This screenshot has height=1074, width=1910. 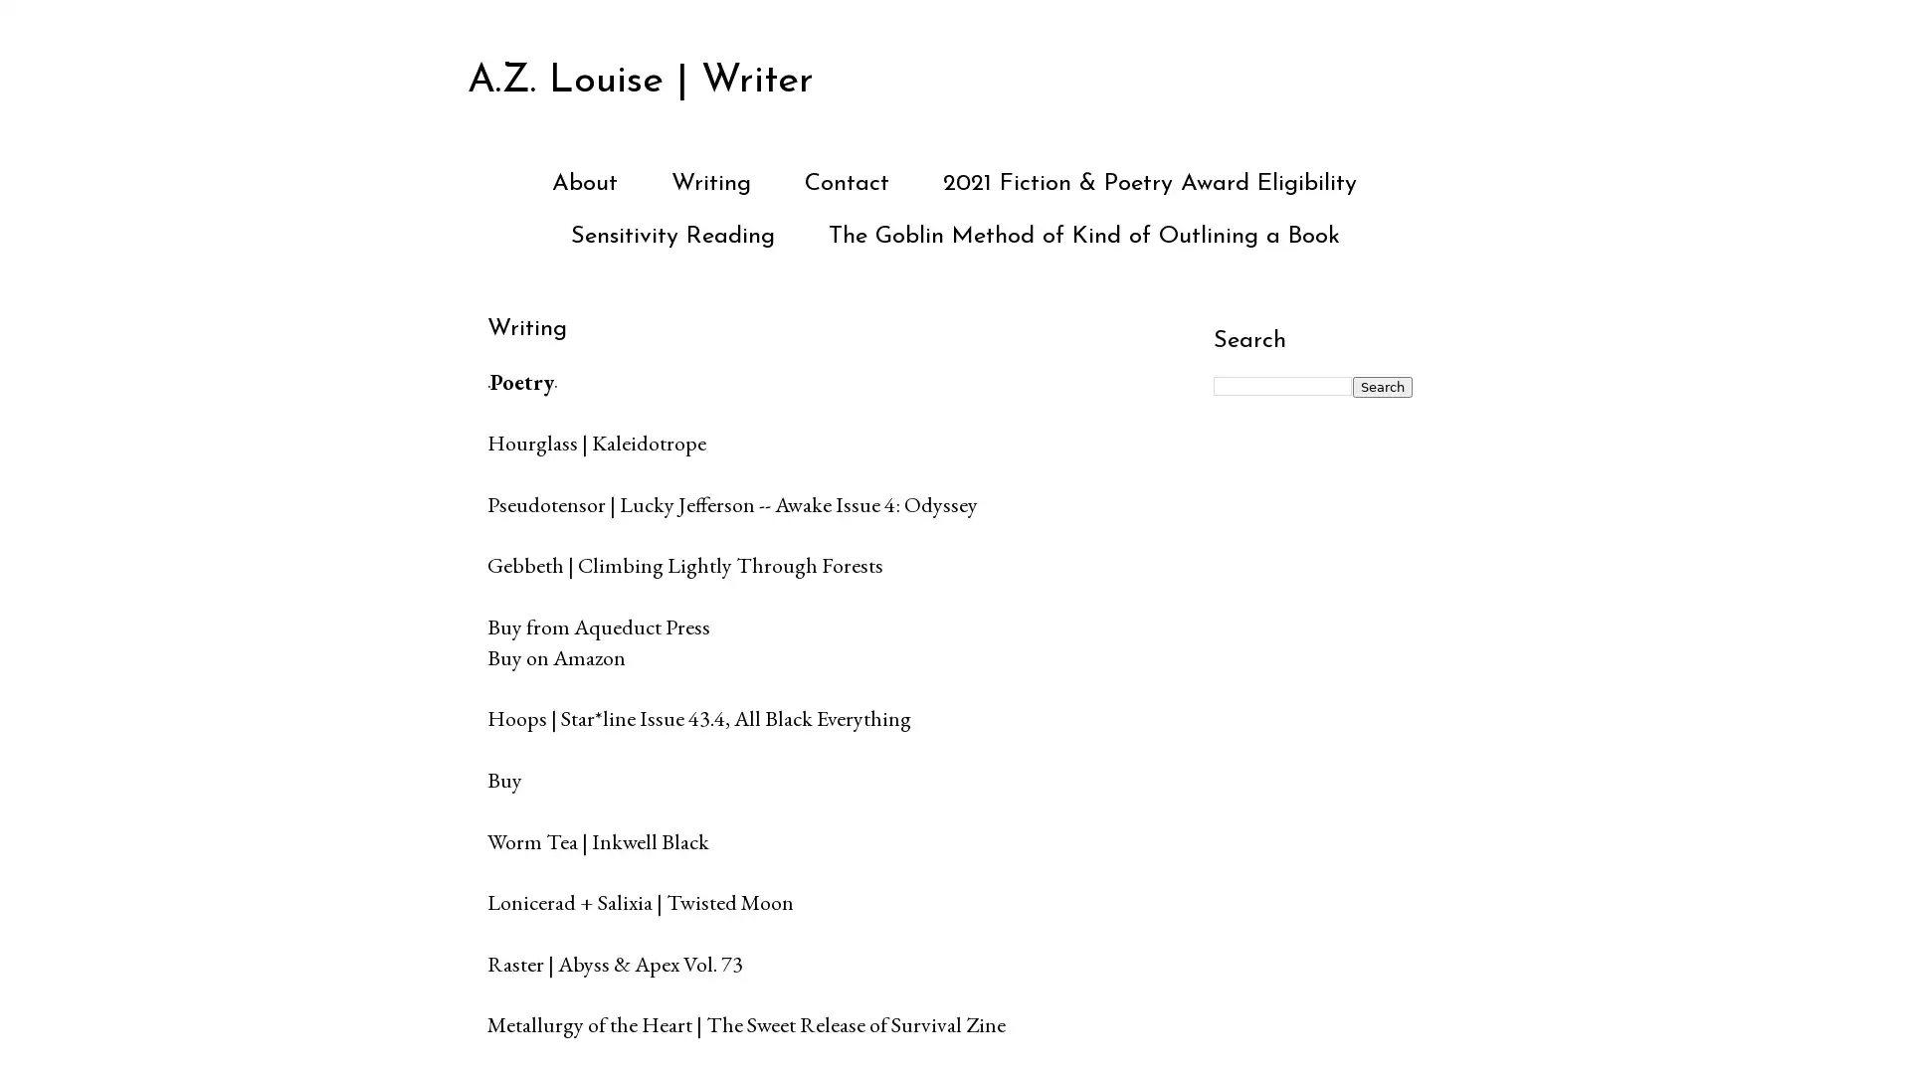 What do you see at coordinates (1382, 386) in the screenshot?
I see `Search` at bounding box center [1382, 386].